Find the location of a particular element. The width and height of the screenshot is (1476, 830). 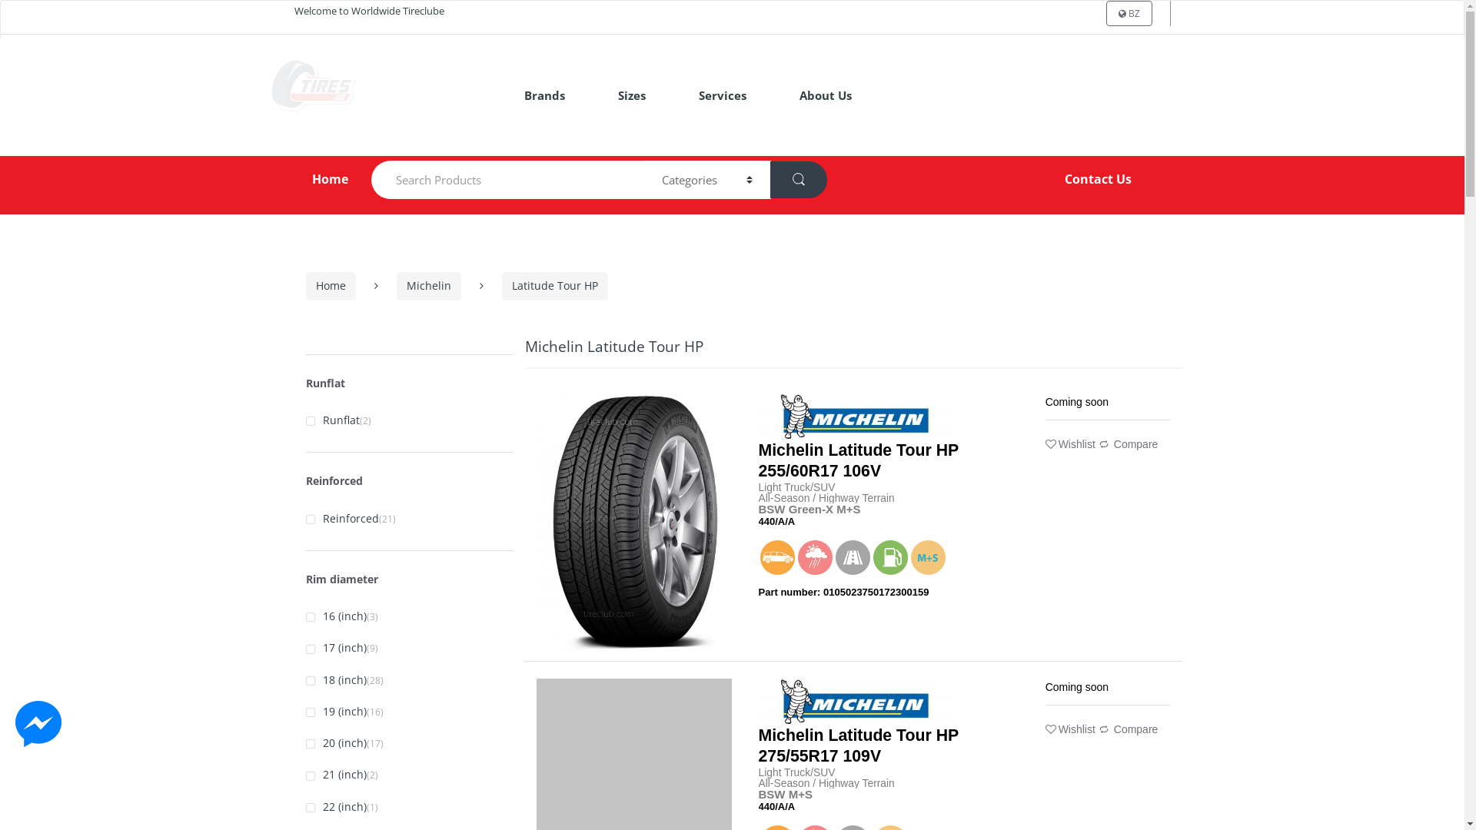

'19 (inch)' is located at coordinates (335, 712).